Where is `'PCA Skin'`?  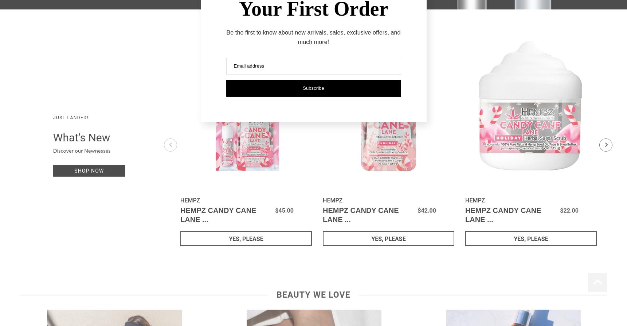
'PCA Skin' is located at coordinates (112, 42).